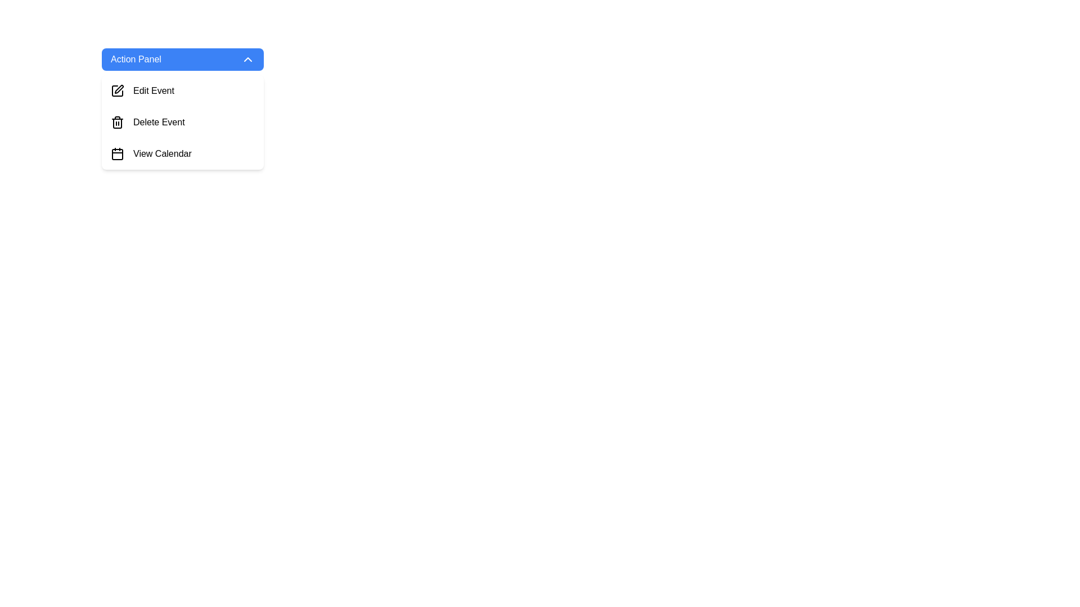 The width and height of the screenshot is (1080, 607). What do you see at coordinates (118, 123) in the screenshot?
I see `the delete icon located to the left of the 'Delete Event' text in the 'Action Panel' dropdown menu` at bounding box center [118, 123].